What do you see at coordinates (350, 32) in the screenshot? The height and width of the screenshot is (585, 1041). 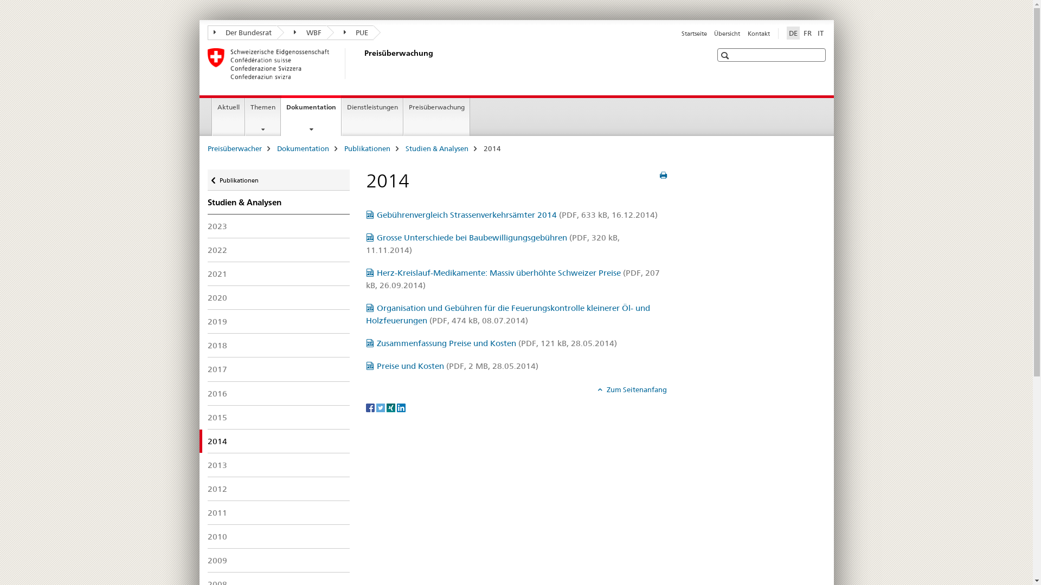 I see `'PUE'` at bounding box center [350, 32].